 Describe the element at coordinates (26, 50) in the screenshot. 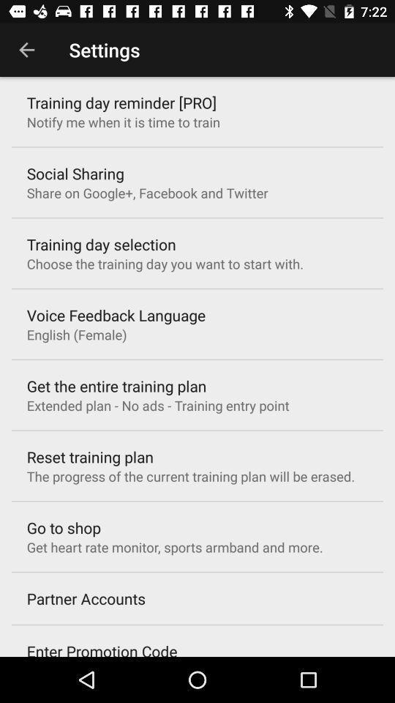

I see `item above the training day reminder icon` at that location.